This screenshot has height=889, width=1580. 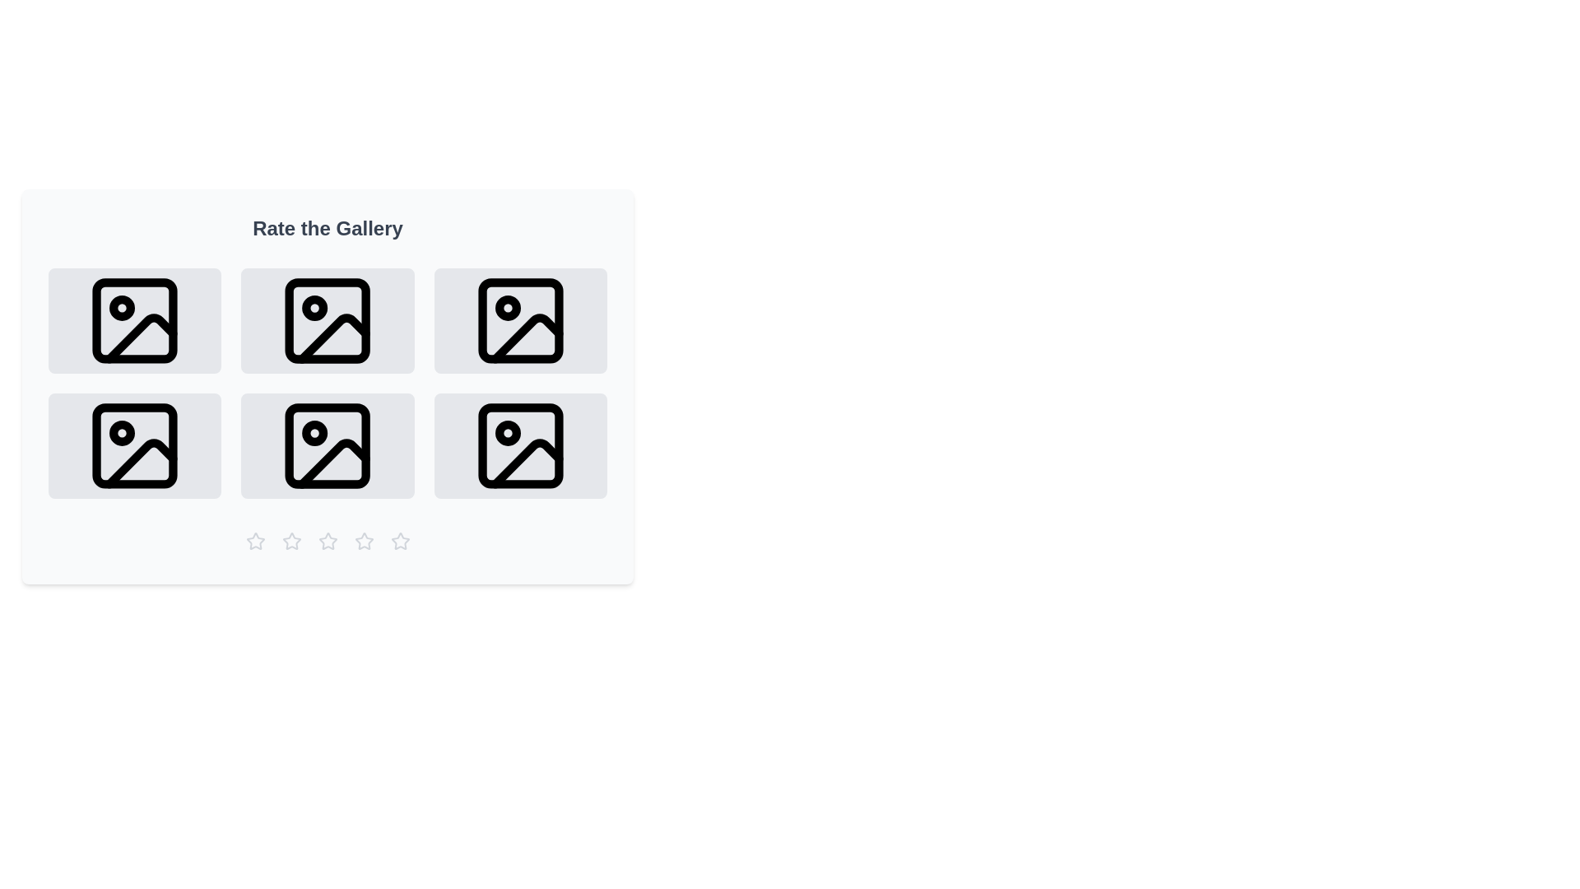 I want to click on the star rating button corresponding to 5 stars, so click(x=400, y=542).